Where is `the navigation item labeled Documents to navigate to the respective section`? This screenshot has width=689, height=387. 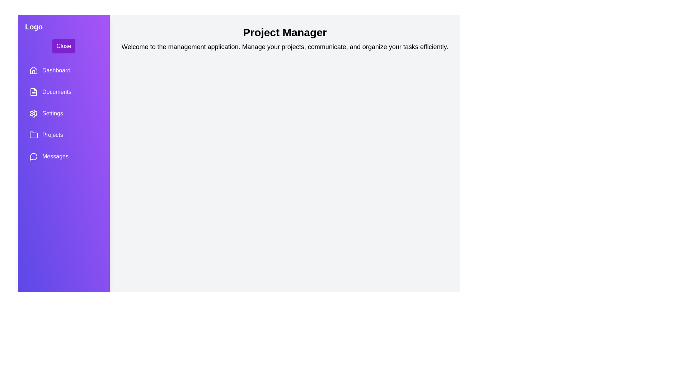
the navigation item labeled Documents to navigate to the respective section is located at coordinates (64, 92).